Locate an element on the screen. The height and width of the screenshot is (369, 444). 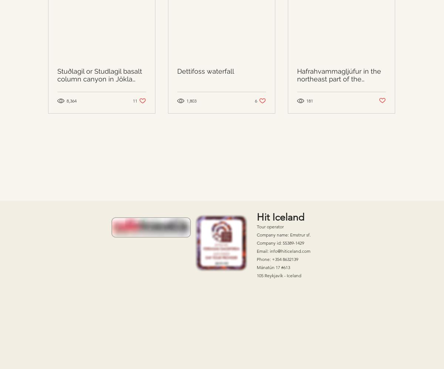
'1,803' is located at coordinates (191, 101).